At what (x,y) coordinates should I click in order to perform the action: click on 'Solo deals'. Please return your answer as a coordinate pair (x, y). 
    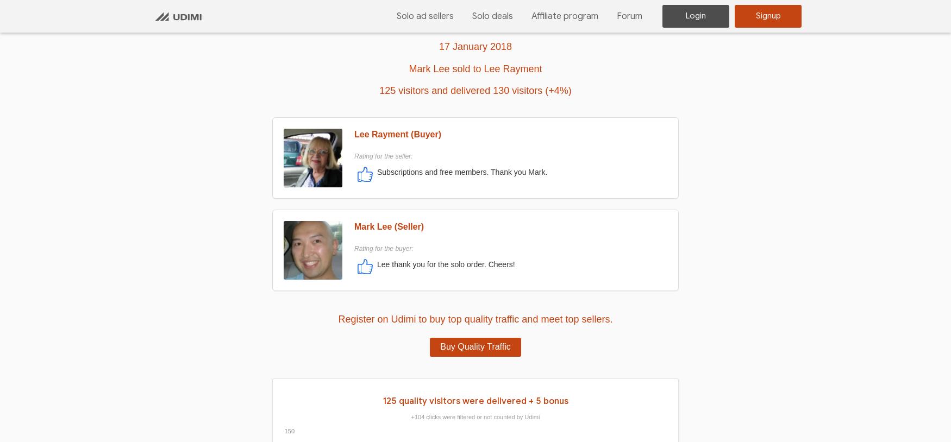
    Looking at the image, I should click on (492, 15).